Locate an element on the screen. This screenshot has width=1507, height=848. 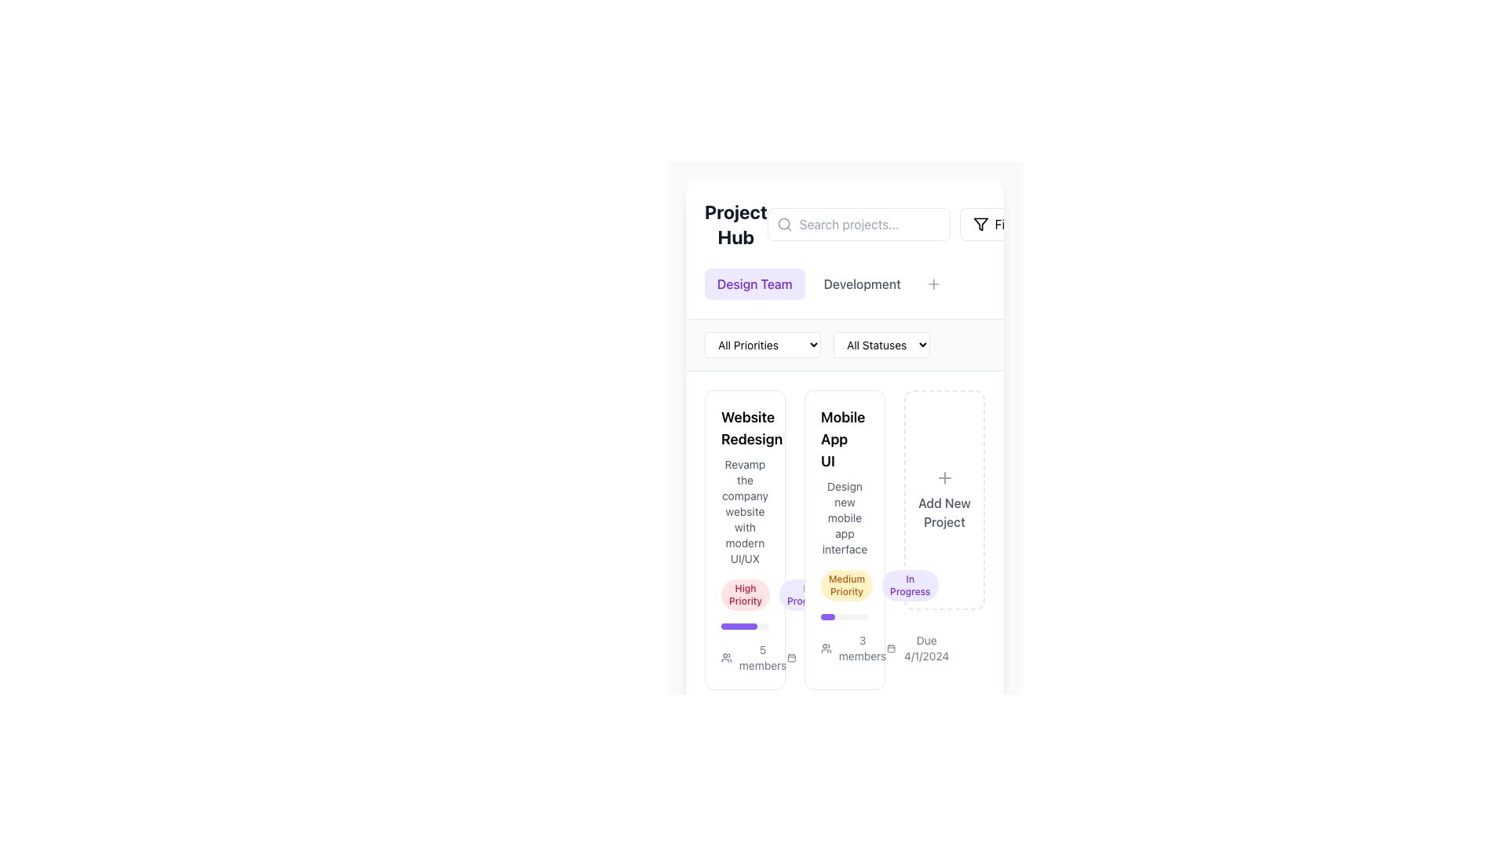
the interactive button located to the right of the 'Development' button, which is the last element in the horizontal grouping of buttons at the top center of the interface is located at coordinates (933, 284).